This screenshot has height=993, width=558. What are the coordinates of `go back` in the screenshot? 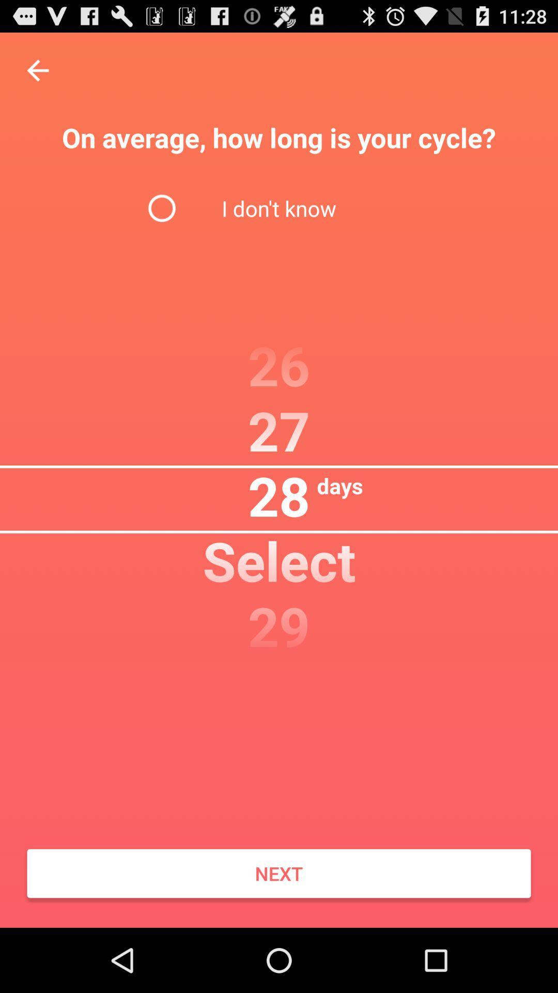 It's located at (37, 70).